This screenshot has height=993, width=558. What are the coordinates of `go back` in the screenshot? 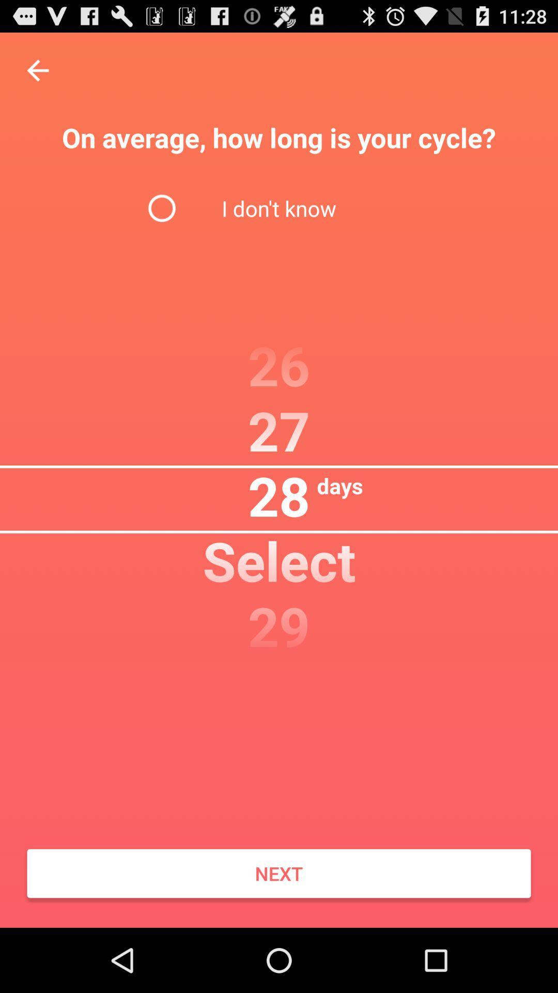 It's located at (37, 70).